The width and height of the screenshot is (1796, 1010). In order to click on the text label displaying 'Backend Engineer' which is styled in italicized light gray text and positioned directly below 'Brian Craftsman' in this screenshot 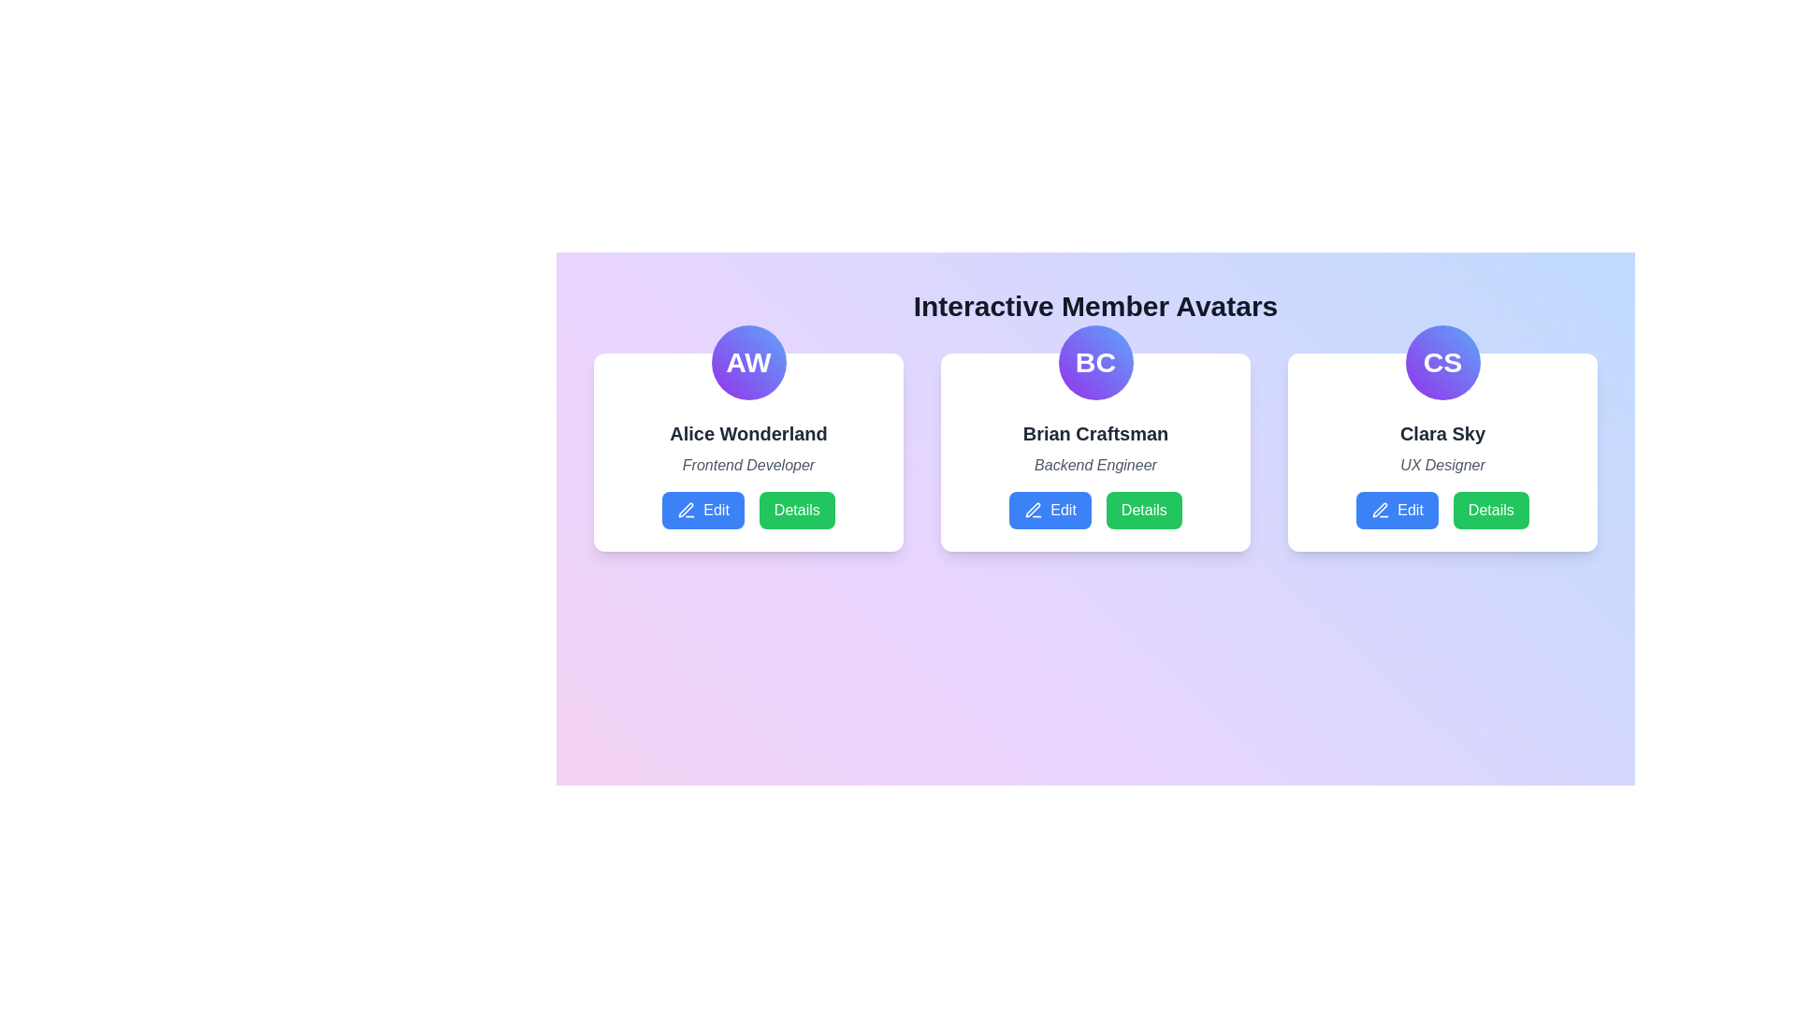, I will do `click(1095, 464)`.